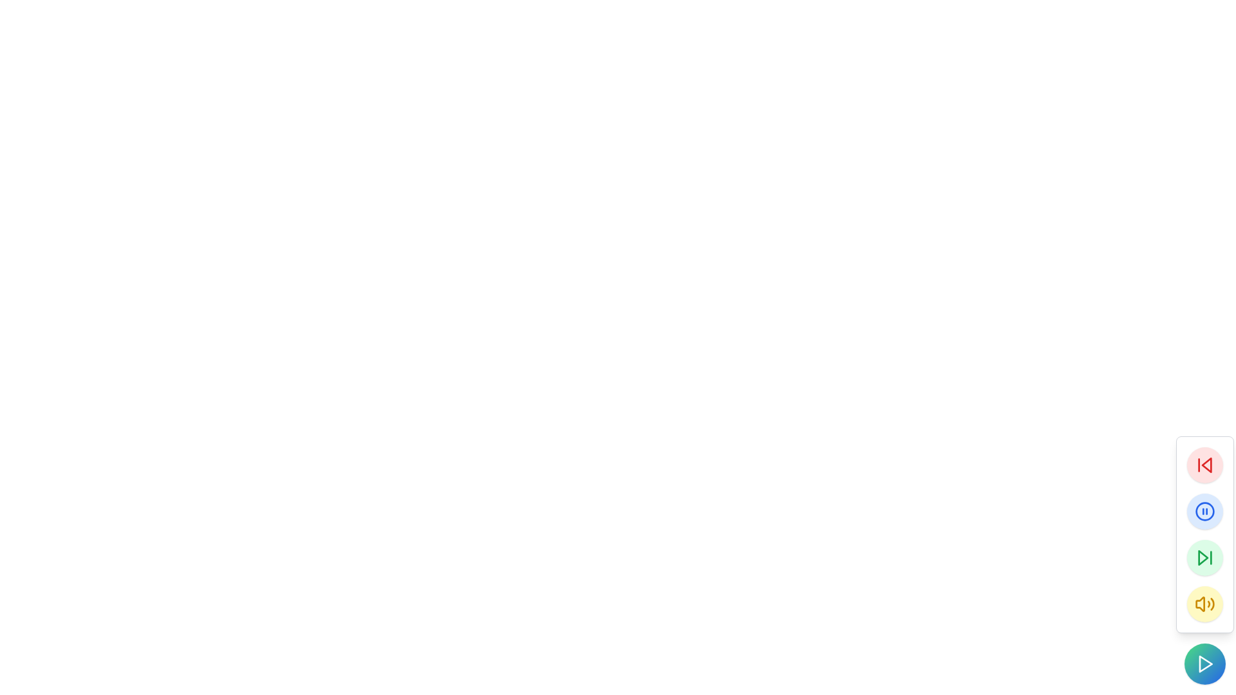  I want to click on the 'next' button located at the bottom-right corner of the interface, so click(1204, 557).